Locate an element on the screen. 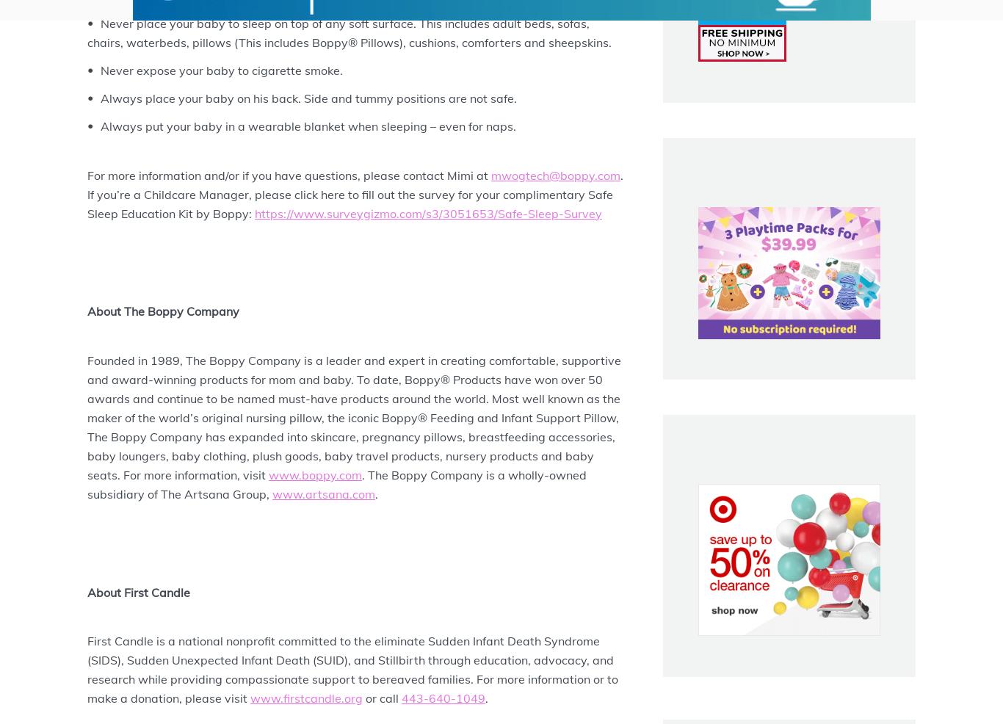 The image size is (1003, 724). 'About First Candle' is located at coordinates (138, 591).